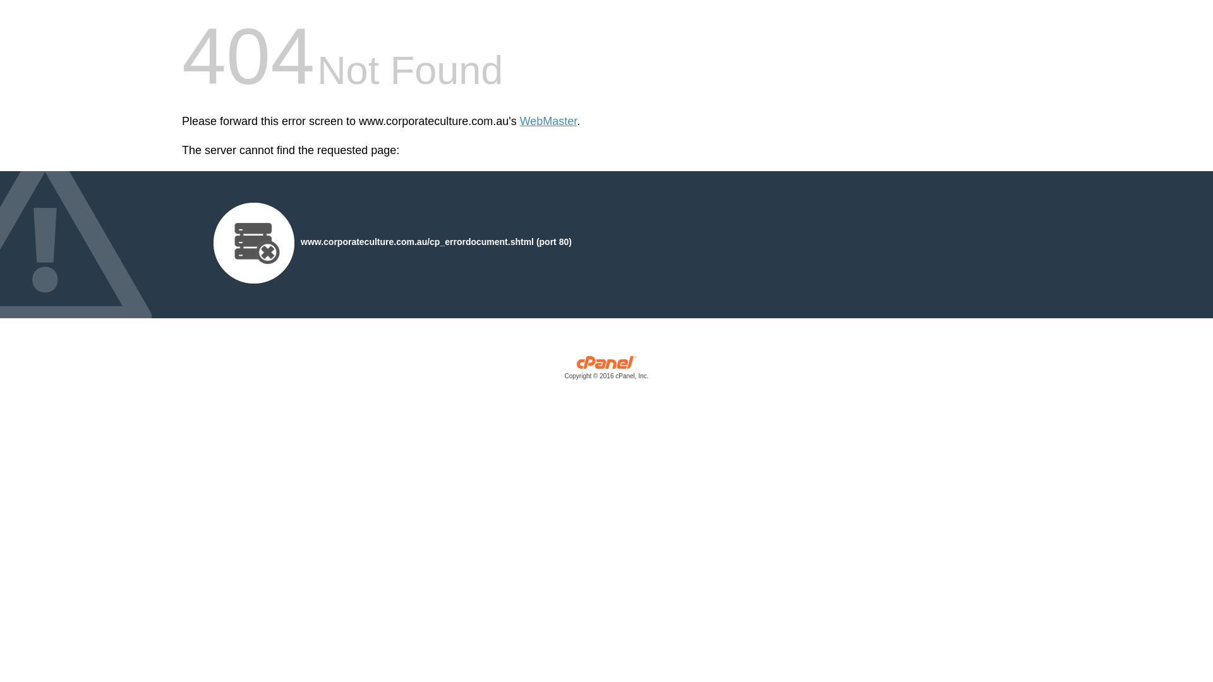  I want to click on 'WebMaster', so click(548, 121).